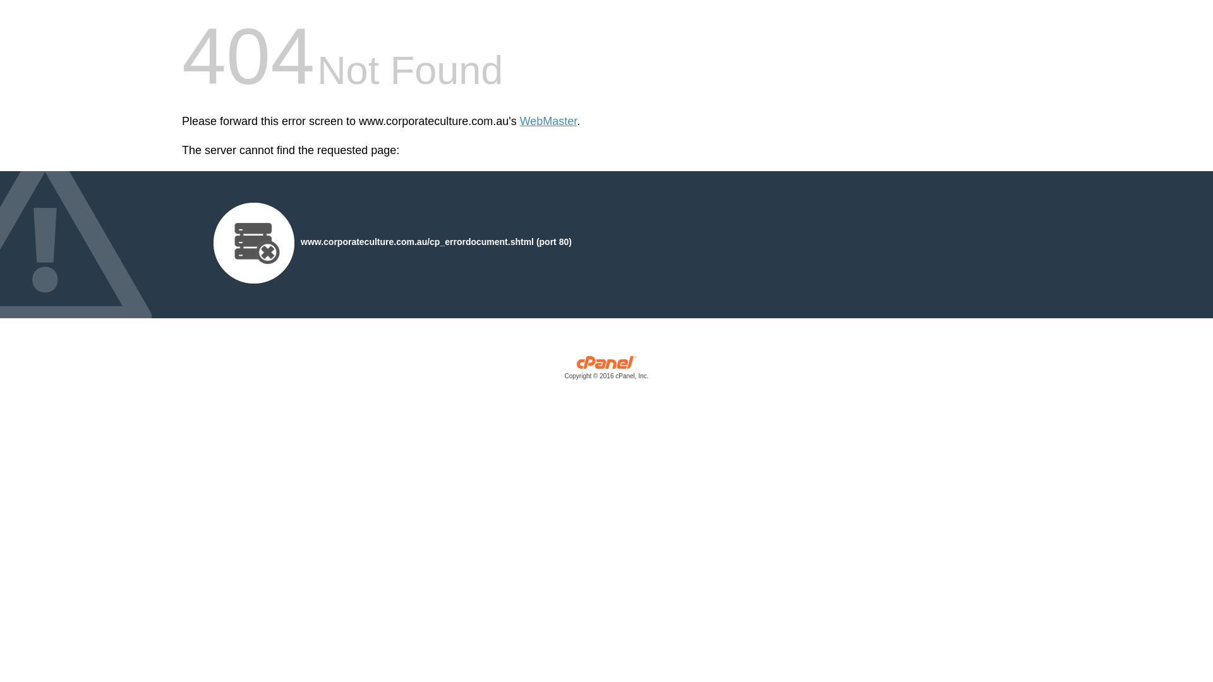  I want to click on 'WebMaster', so click(548, 121).